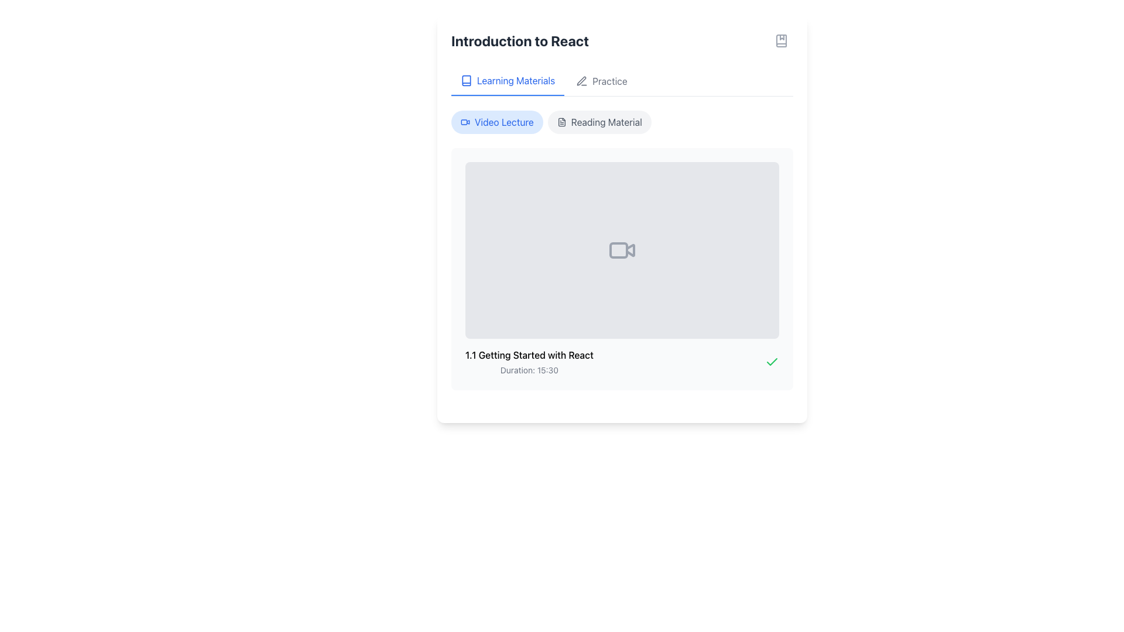  Describe the element at coordinates (497, 122) in the screenshot. I see `the 'Video Lecture' button located on the left within a group of two horizontally aligned buttons` at that location.